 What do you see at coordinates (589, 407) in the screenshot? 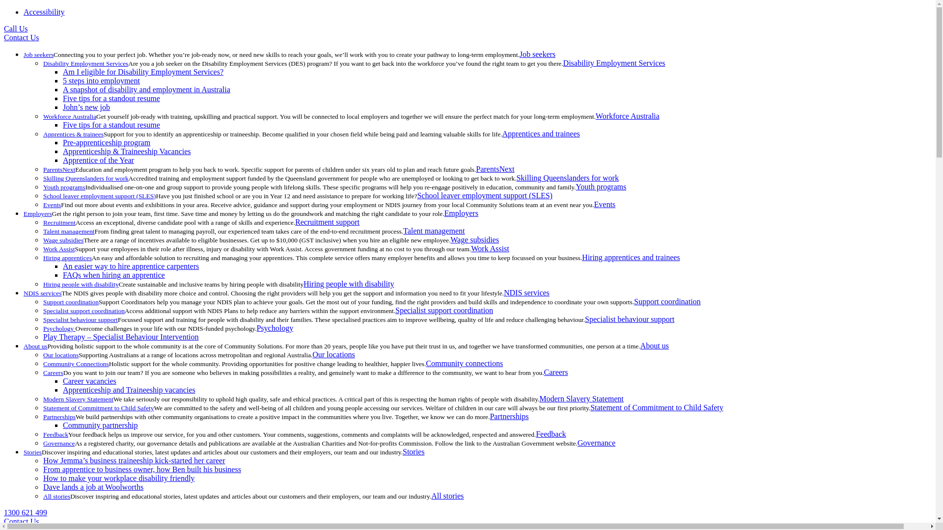
I see `'Statement of Commitment to Child Safety'` at bounding box center [589, 407].